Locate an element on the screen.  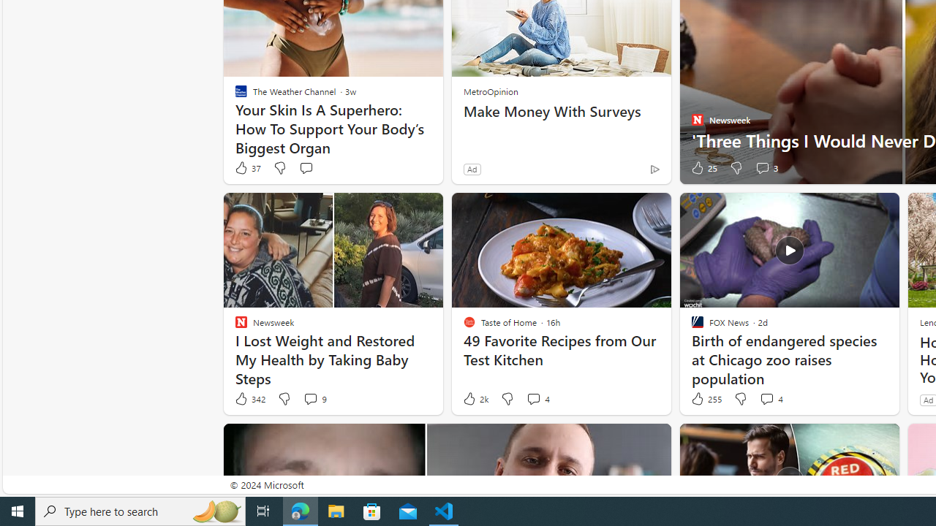
'25 Like' is located at coordinates (703, 167).